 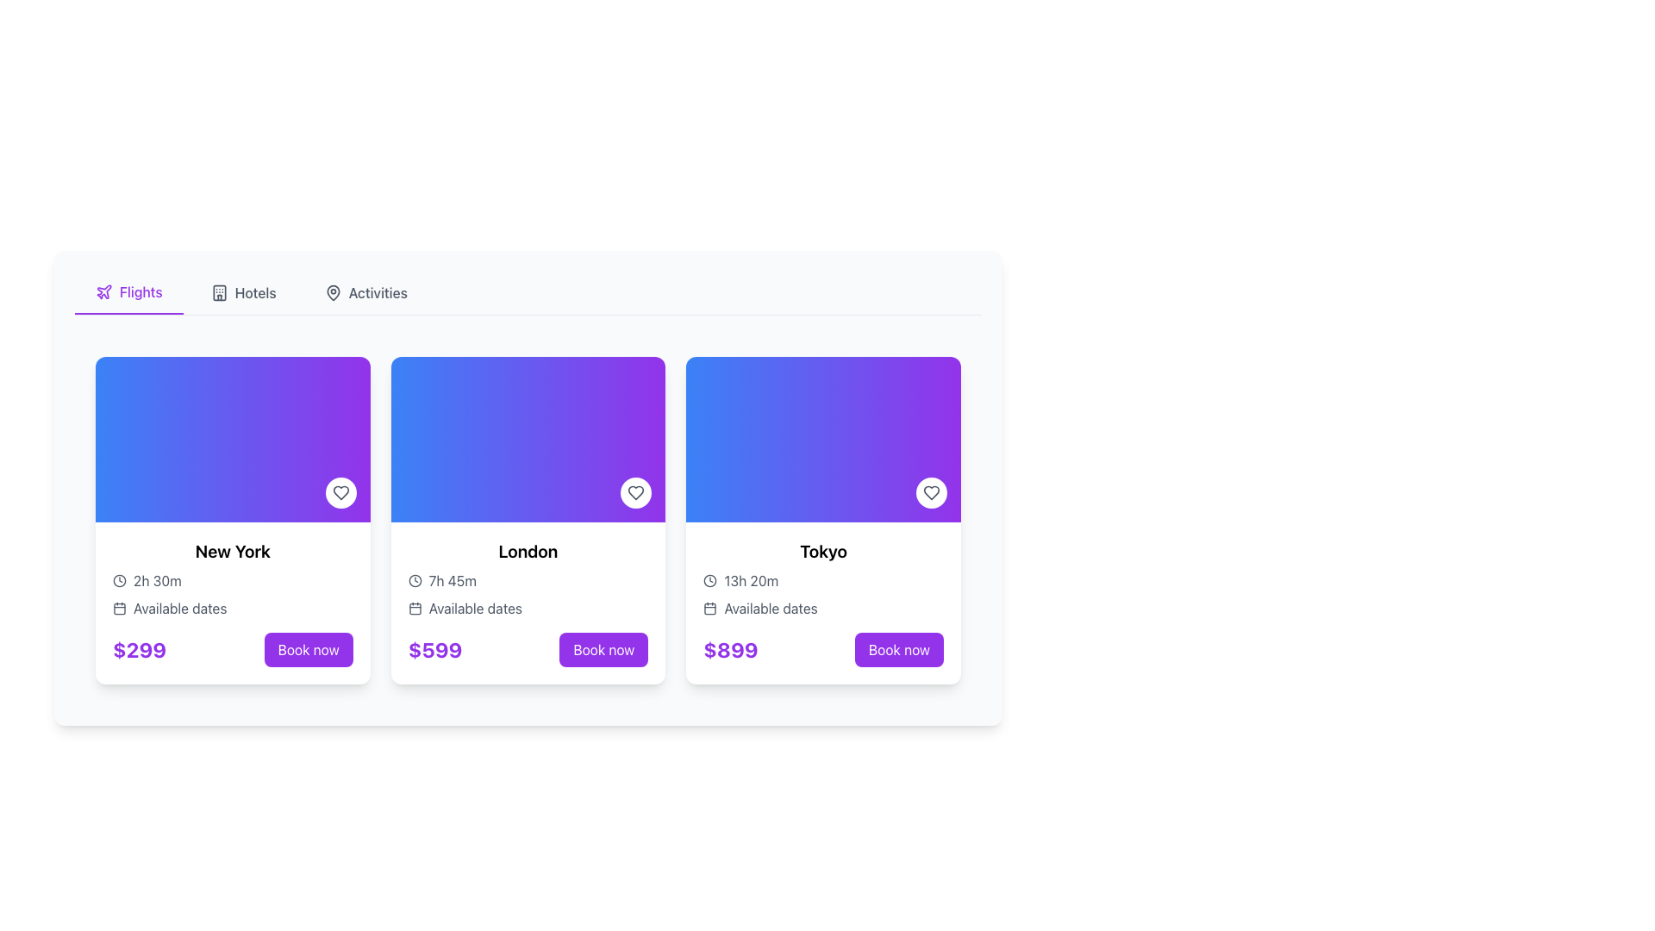 What do you see at coordinates (119, 581) in the screenshot?
I see `the non-interactive circular icon component of the clock icon located above the '13h 20m' text in the Tokyo travel card` at bounding box center [119, 581].